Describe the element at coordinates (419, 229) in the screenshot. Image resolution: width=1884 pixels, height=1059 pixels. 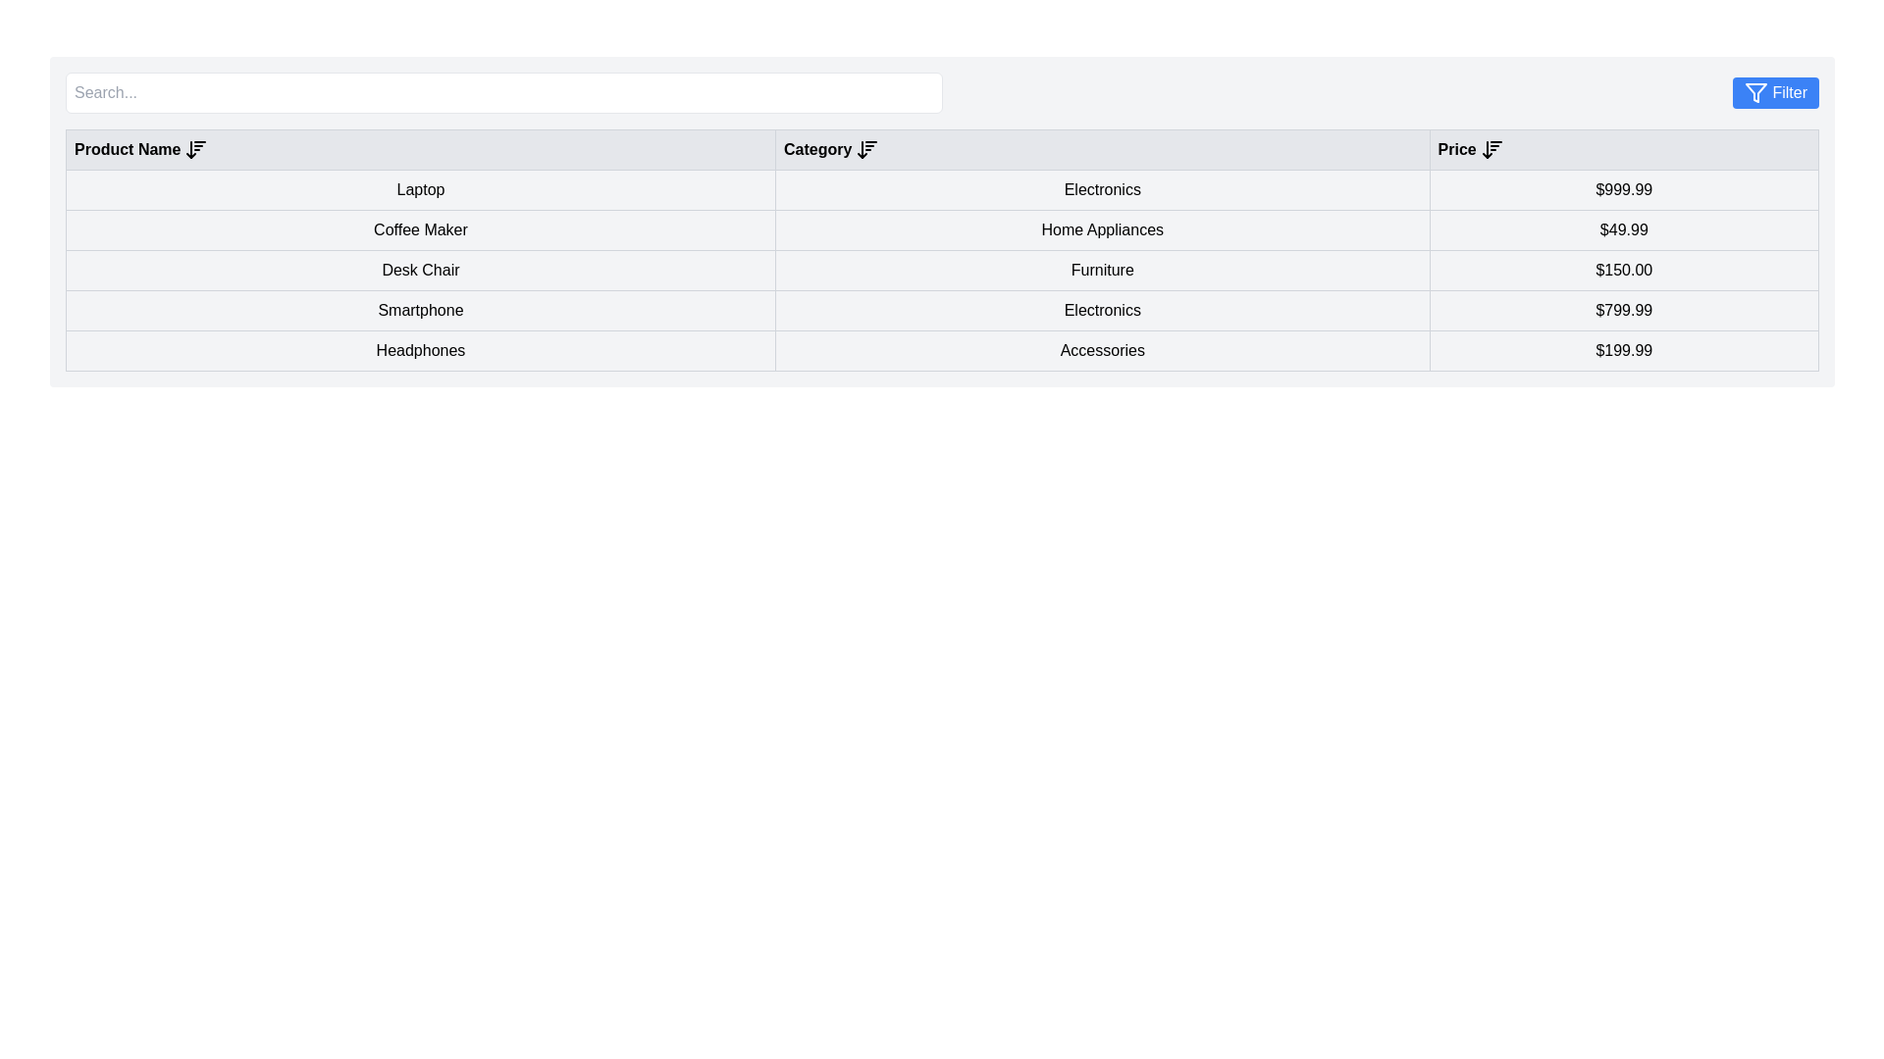
I see `the text label displaying 'Coffee Maker' located in the second row under the 'Product Name' column in the table` at that location.